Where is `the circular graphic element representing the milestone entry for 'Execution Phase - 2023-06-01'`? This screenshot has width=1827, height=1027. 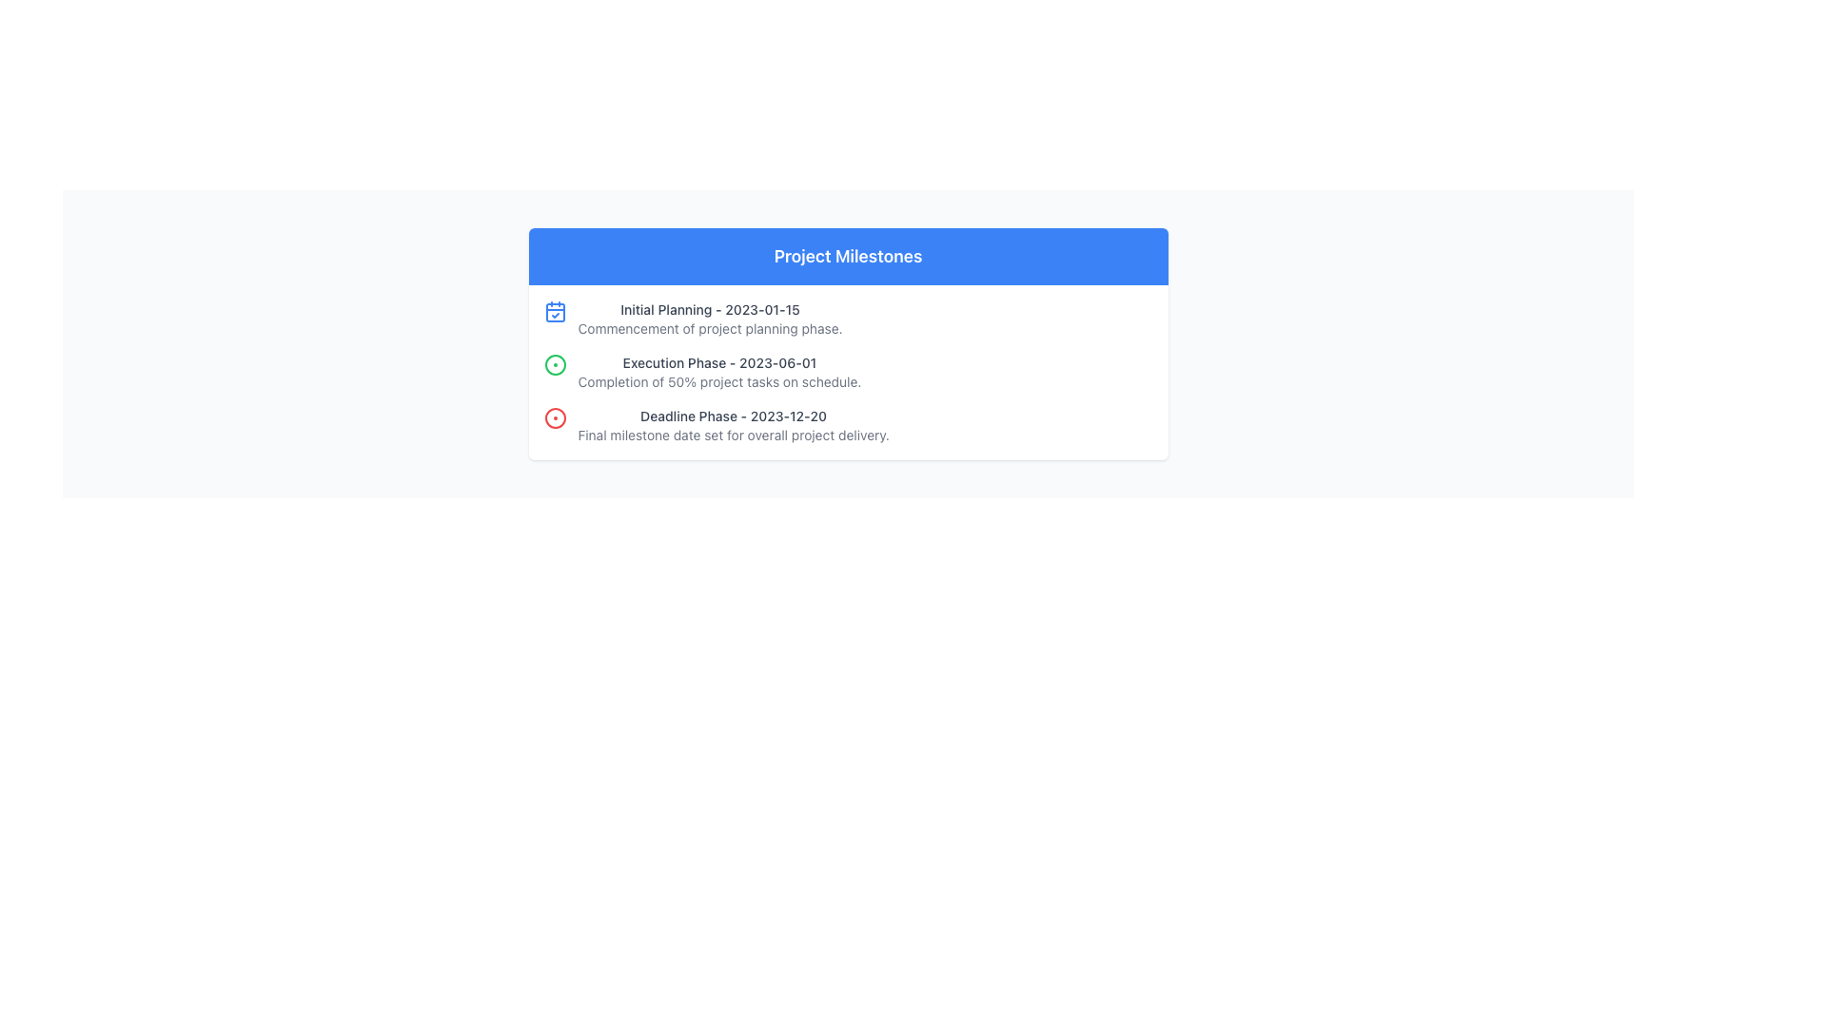 the circular graphic element representing the milestone entry for 'Execution Phase - 2023-06-01' is located at coordinates (554, 365).